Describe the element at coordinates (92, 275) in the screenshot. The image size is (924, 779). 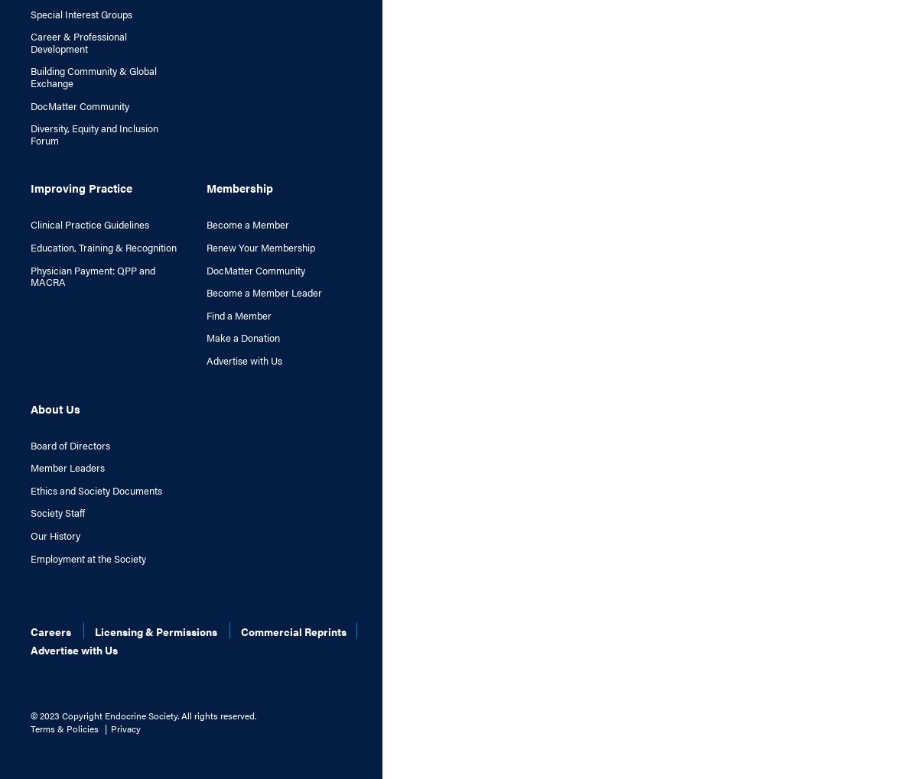
I see `'Physician Payment: QPP and MACRA'` at that location.